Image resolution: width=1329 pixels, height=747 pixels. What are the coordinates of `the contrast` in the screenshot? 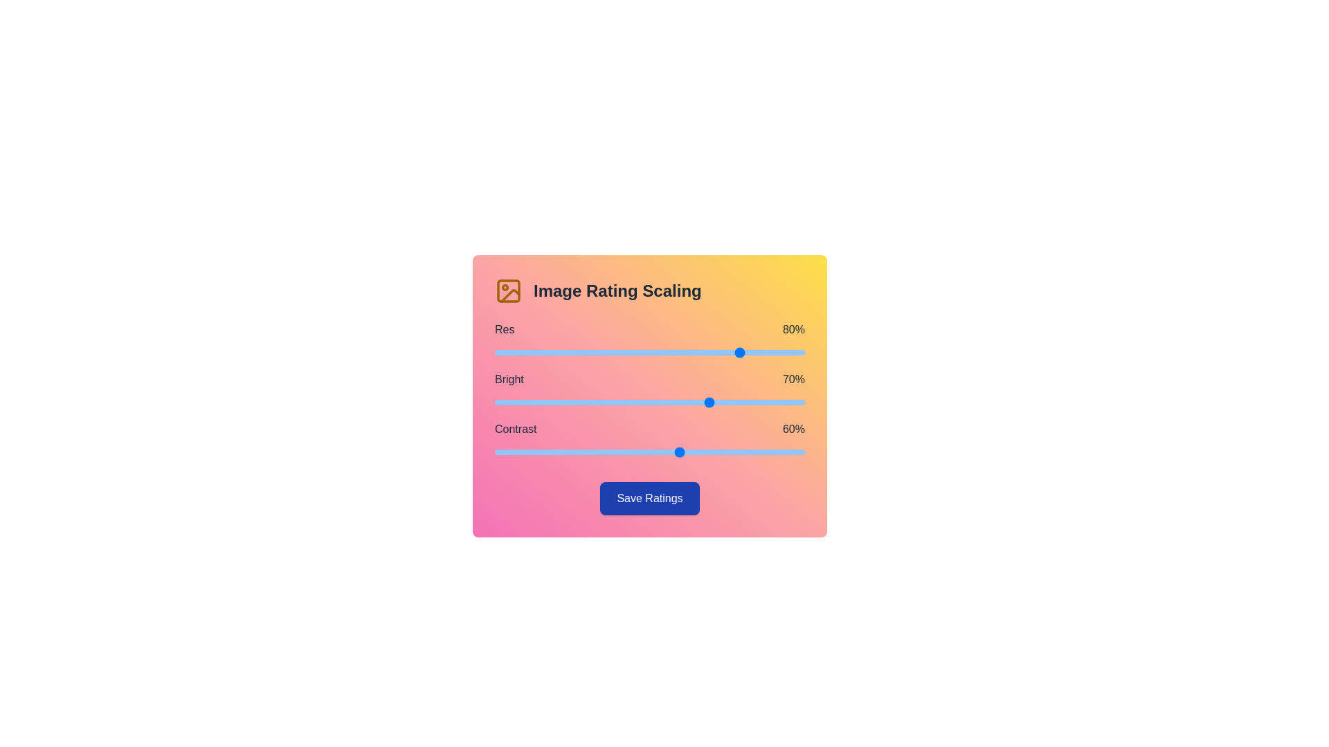 It's located at (652, 452).